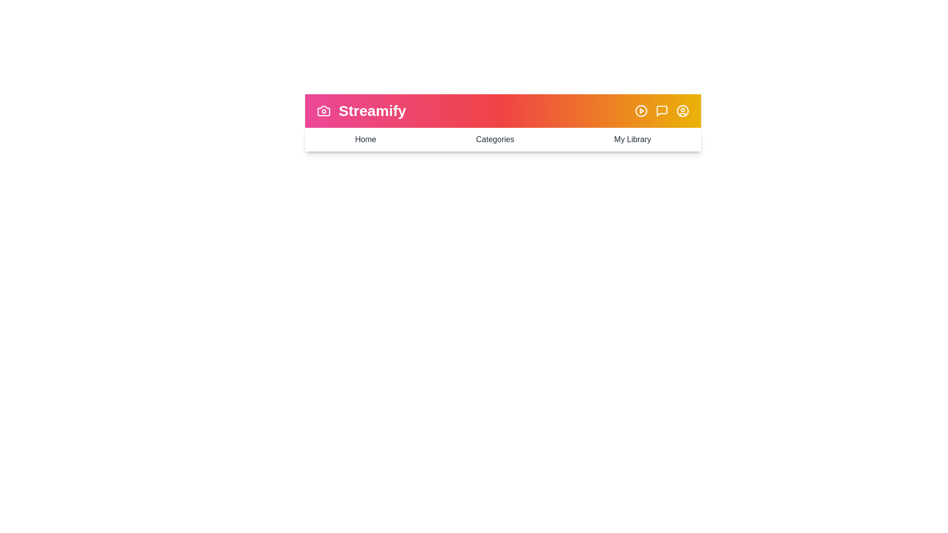  What do you see at coordinates (641, 111) in the screenshot?
I see `the PlayCircle icon to trigger its functionality` at bounding box center [641, 111].